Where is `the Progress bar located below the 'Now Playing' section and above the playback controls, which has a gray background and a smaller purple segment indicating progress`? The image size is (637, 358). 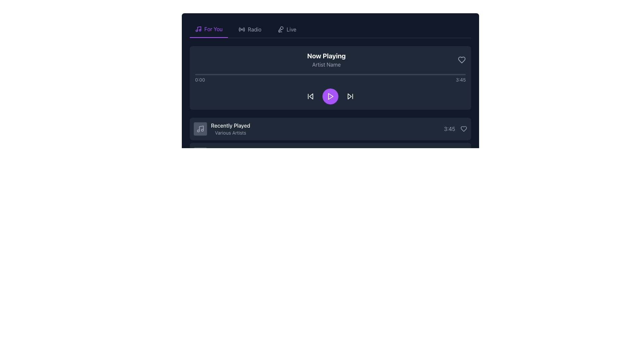 the Progress bar located below the 'Now Playing' section and above the playback controls, which has a gray background and a smaller purple segment indicating progress is located at coordinates (330, 74).